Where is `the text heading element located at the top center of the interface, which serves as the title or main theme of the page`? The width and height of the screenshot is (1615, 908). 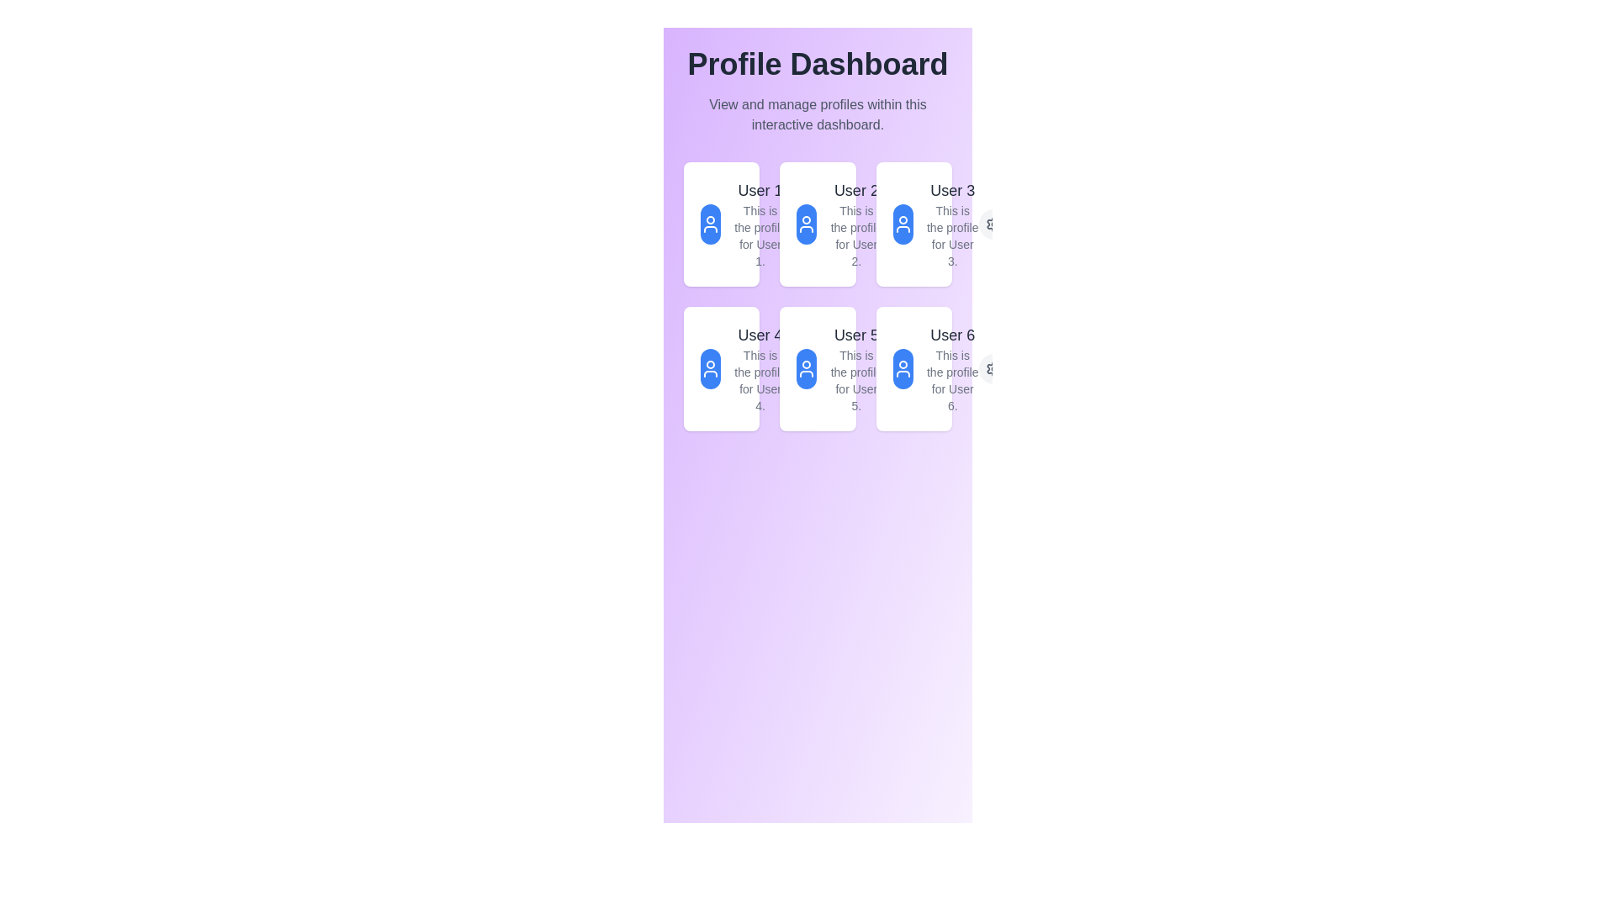
the text heading element located at the top center of the interface, which serves as the title or main theme of the page is located at coordinates (818, 64).